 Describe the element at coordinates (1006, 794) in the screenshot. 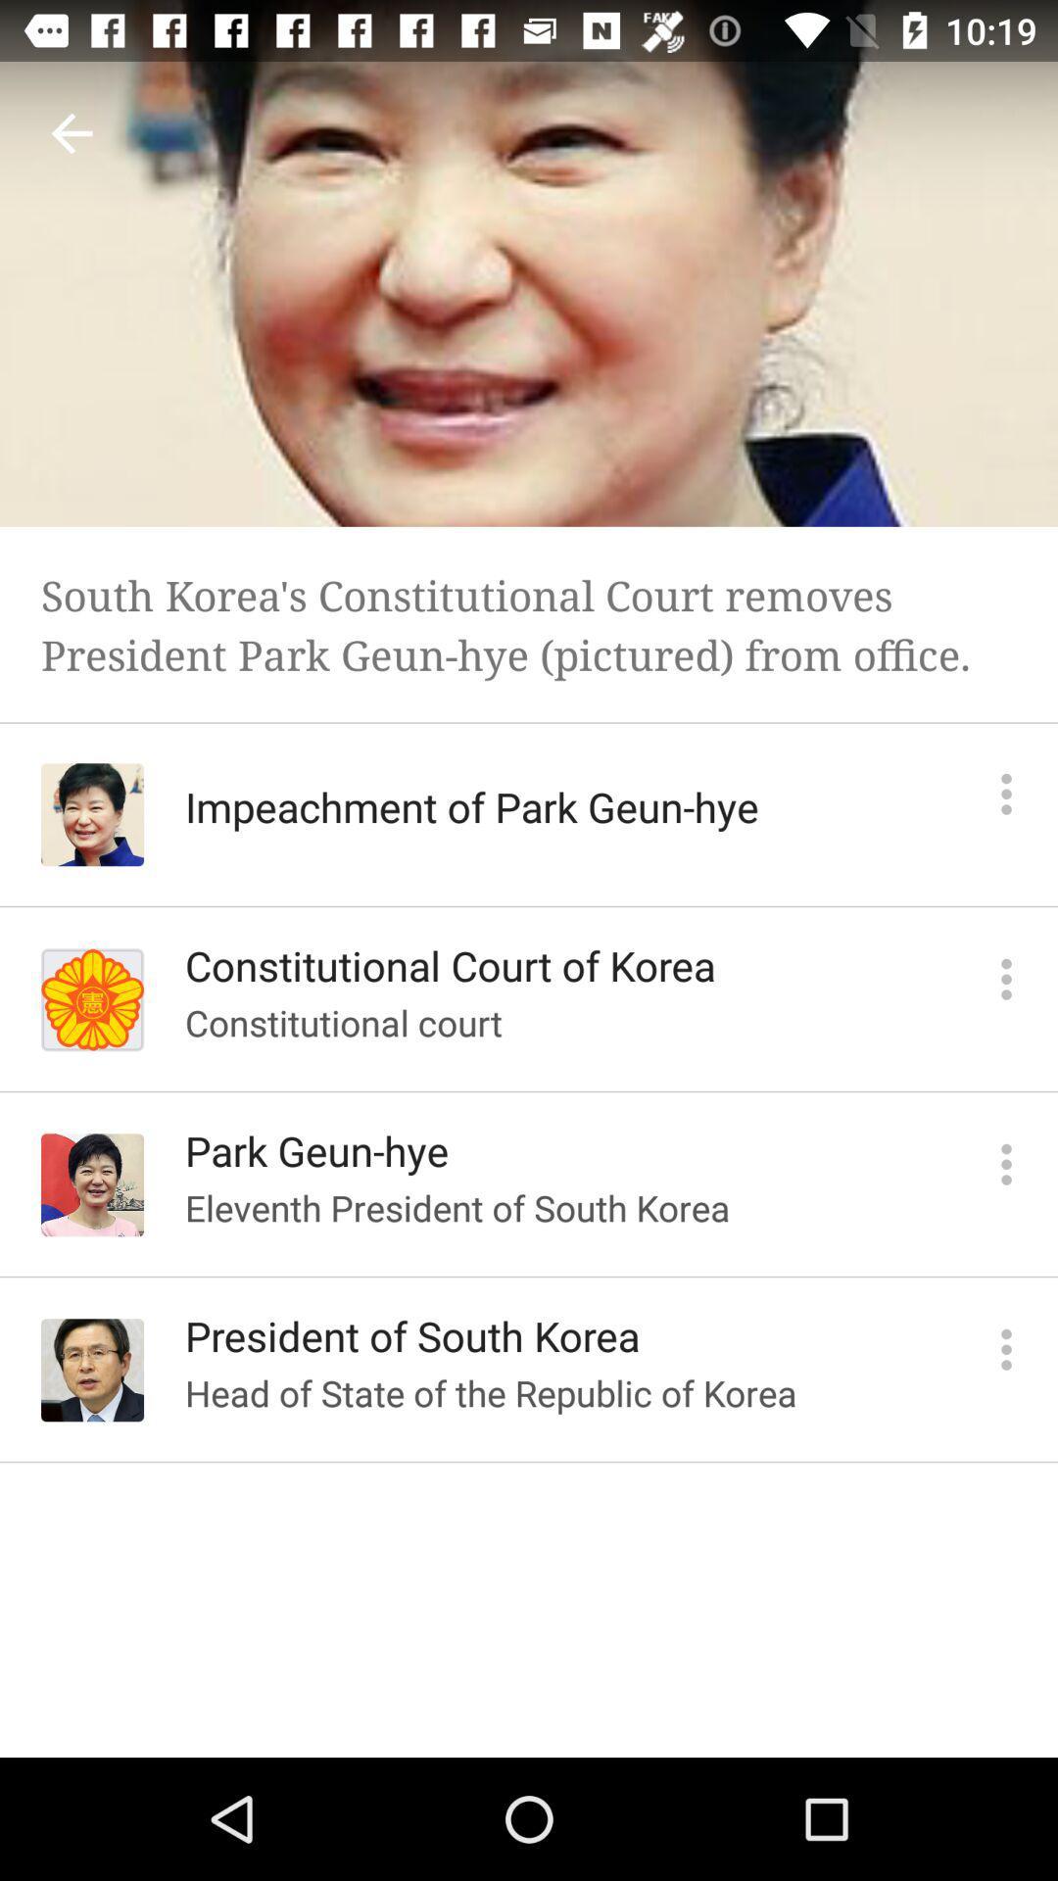

I see `more option` at that location.